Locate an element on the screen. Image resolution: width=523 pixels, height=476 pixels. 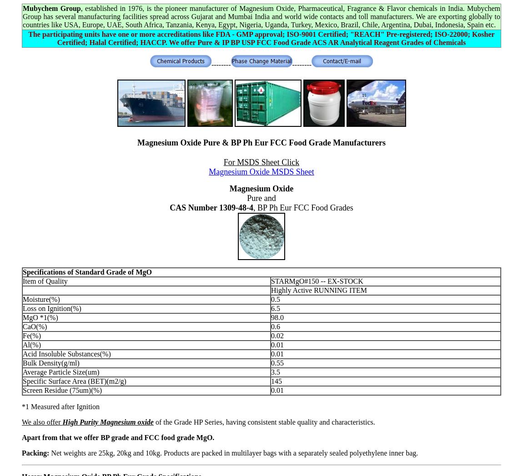
'145' is located at coordinates (275, 381).